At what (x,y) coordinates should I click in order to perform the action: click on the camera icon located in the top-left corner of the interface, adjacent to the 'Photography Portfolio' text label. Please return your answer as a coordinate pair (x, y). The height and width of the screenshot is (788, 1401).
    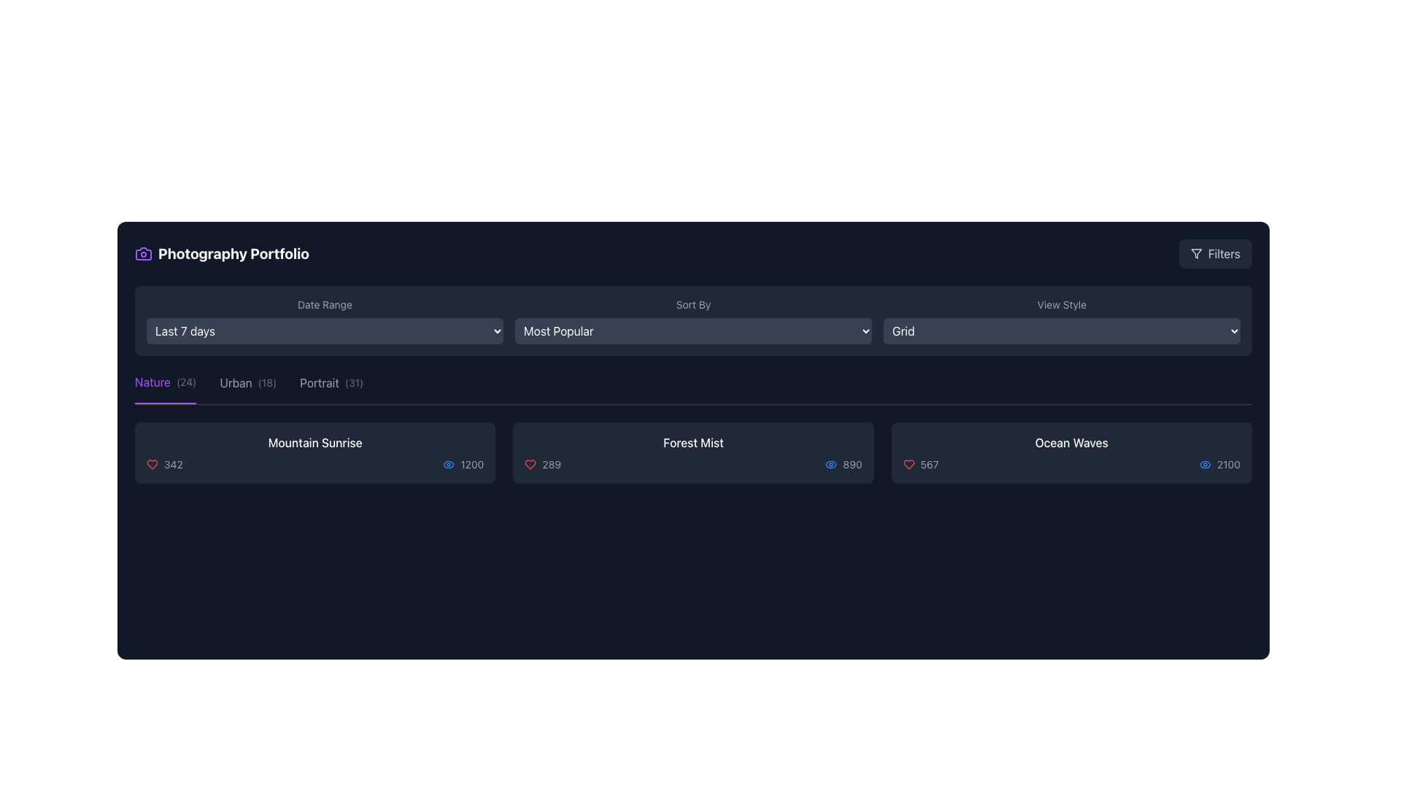
    Looking at the image, I should click on (143, 252).